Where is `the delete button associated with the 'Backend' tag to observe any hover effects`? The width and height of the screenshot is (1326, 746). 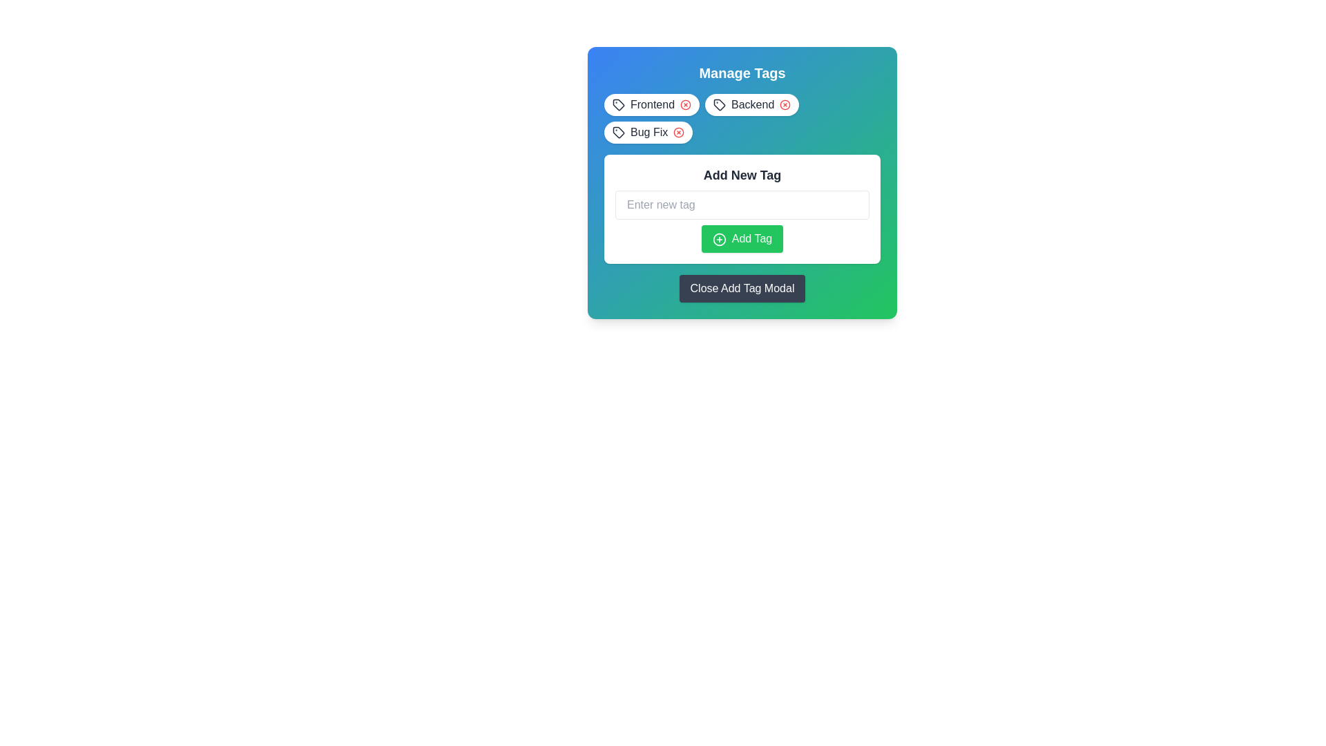
the delete button associated with the 'Backend' tag to observe any hover effects is located at coordinates (785, 104).